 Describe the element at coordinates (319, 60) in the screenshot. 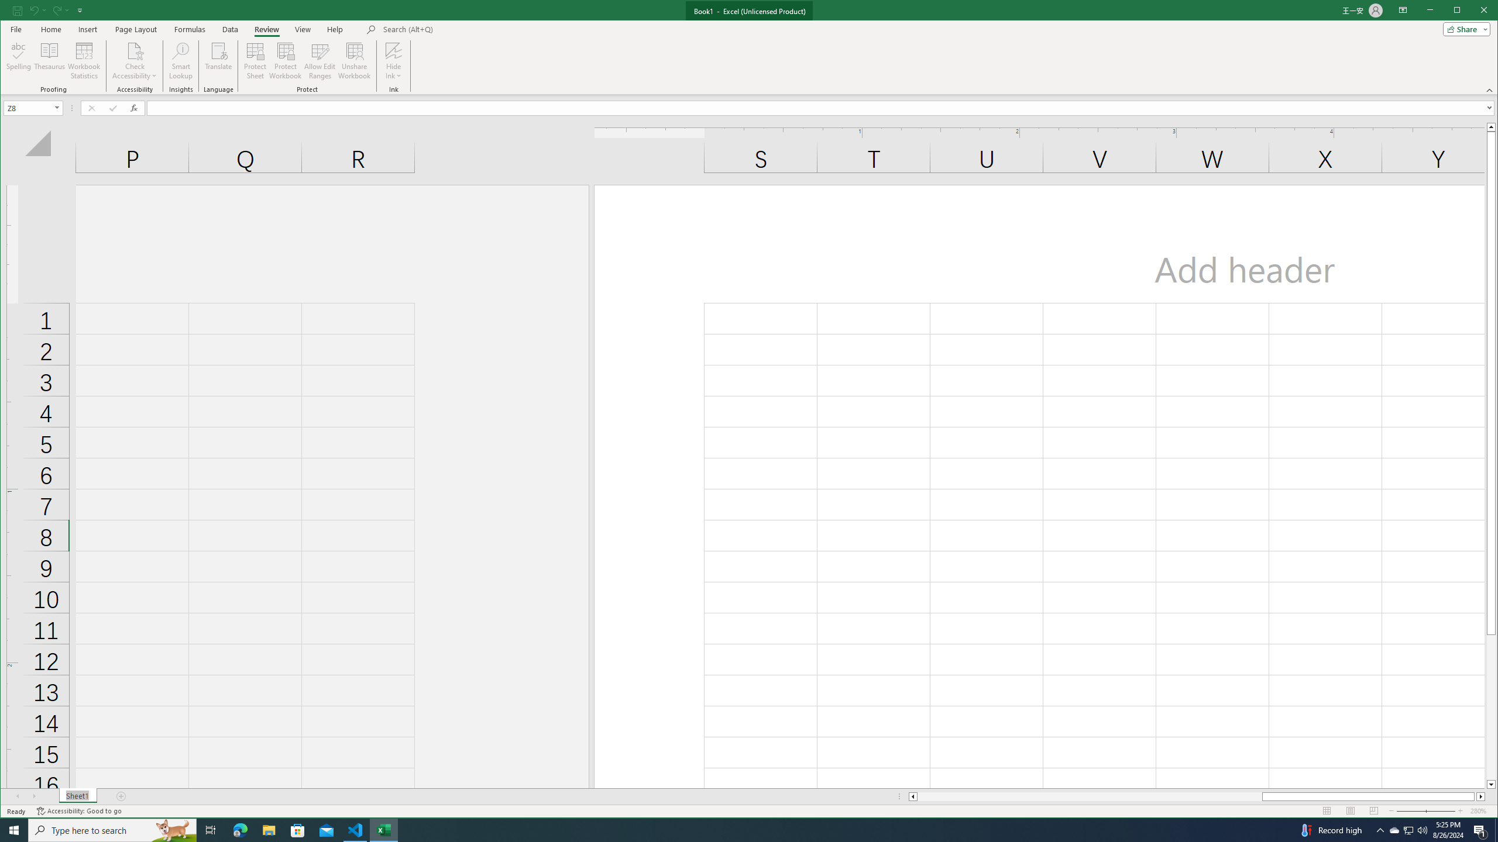

I see `'Allow Edit Ranges'` at that location.